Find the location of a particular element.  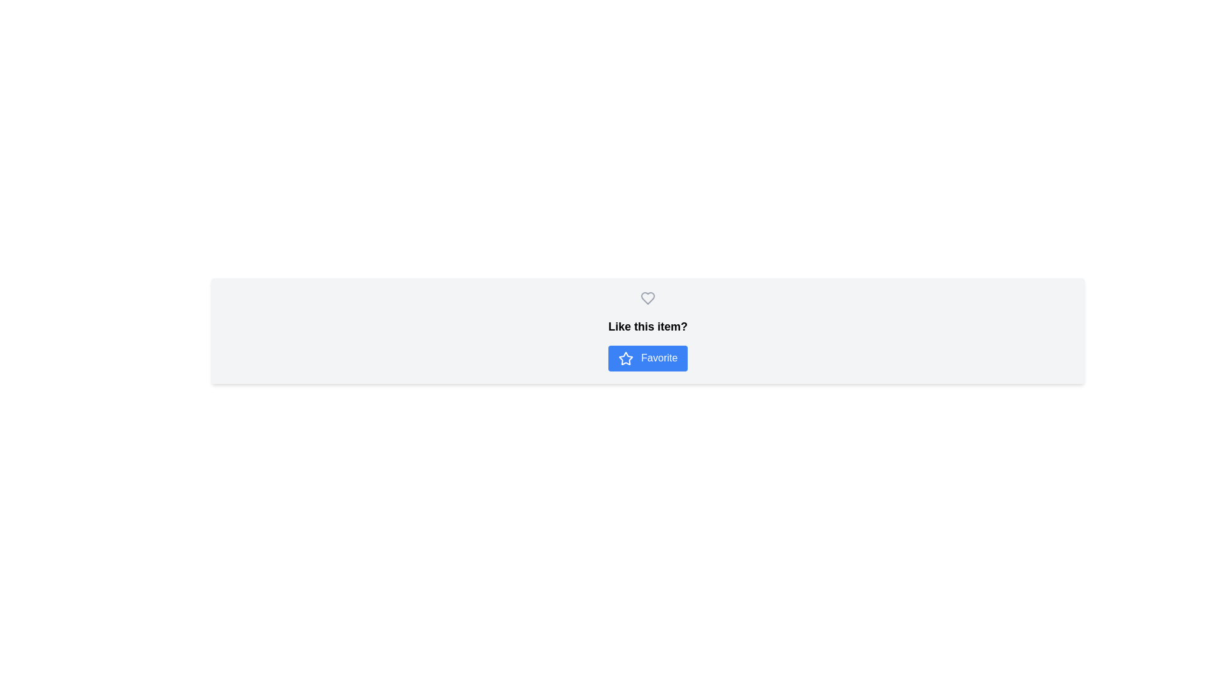

the Heart-shaped icon to express approval or save the associated item is located at coordinates (648, 300).